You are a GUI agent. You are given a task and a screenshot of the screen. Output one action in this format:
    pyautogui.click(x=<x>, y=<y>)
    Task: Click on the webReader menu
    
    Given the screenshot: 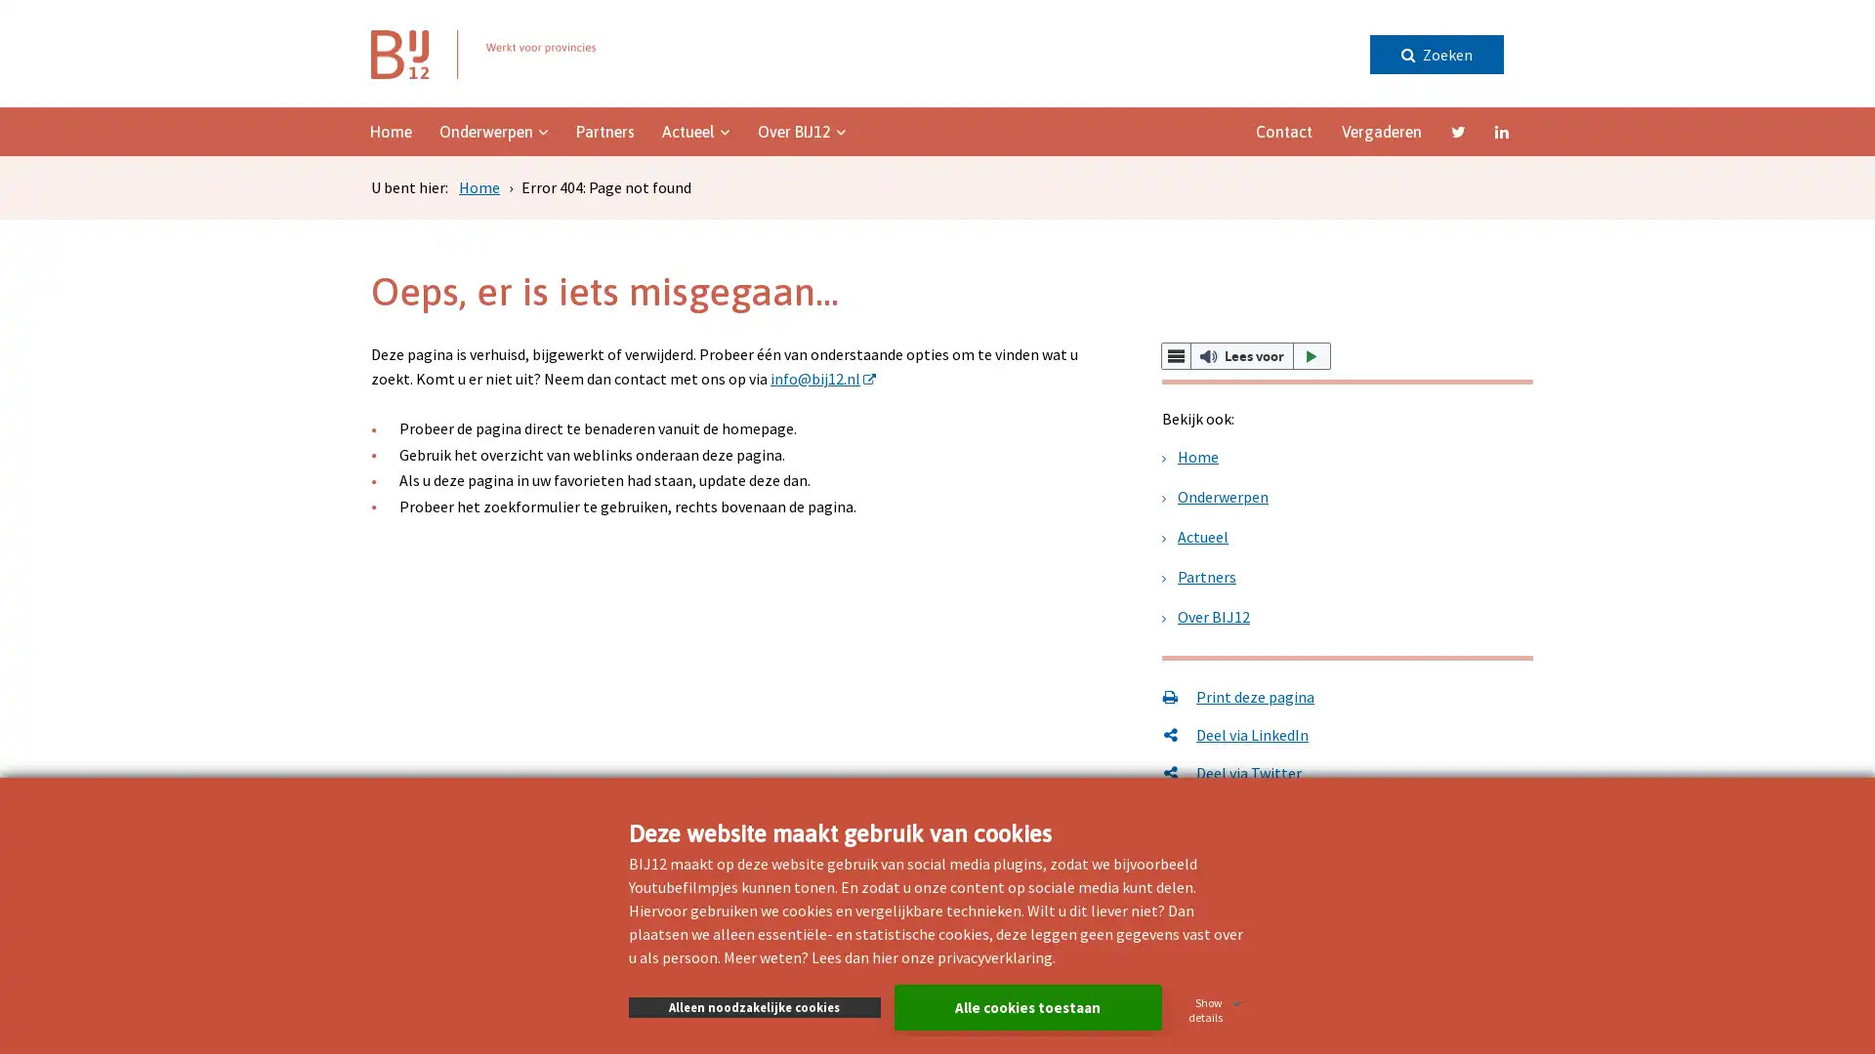 What is the action you would take?
    pyautogui.click(x=1175, y=356)
    